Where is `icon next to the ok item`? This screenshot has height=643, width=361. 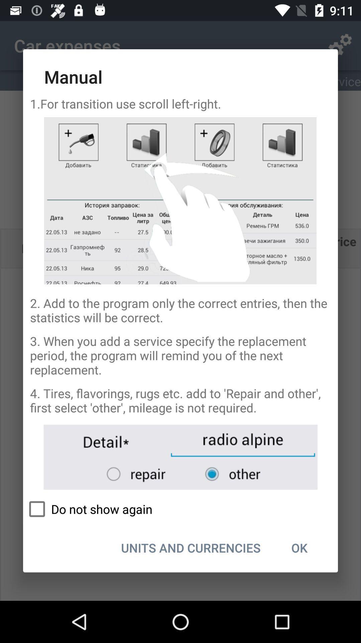 icon next to the ok item is located at coordinates (191, 548).